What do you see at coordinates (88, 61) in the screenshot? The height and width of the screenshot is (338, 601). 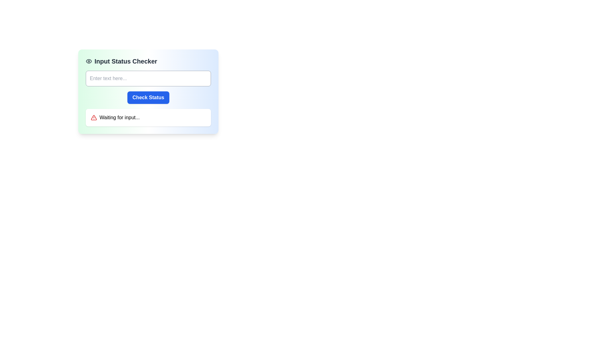 I see `the eye icon associated with the 'Input Status Checker' component, which is positioned to the far left of the text 'Input Status Checker'` at bounding box center [88, 61].